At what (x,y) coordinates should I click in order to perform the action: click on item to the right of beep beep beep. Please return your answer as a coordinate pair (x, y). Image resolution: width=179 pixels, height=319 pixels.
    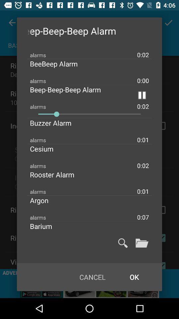
    Looking at the image, I should click on (142, 95).